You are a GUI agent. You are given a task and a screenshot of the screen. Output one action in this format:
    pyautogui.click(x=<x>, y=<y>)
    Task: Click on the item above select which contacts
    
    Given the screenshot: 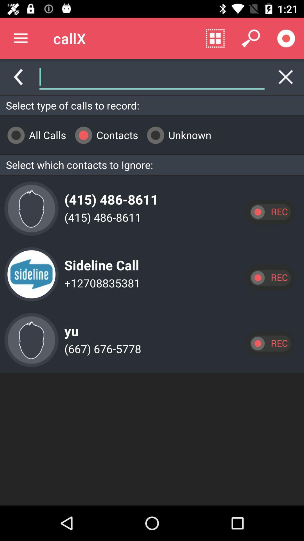 What is the action you would take?
    pyautogui.click(x=176, y=135)
    